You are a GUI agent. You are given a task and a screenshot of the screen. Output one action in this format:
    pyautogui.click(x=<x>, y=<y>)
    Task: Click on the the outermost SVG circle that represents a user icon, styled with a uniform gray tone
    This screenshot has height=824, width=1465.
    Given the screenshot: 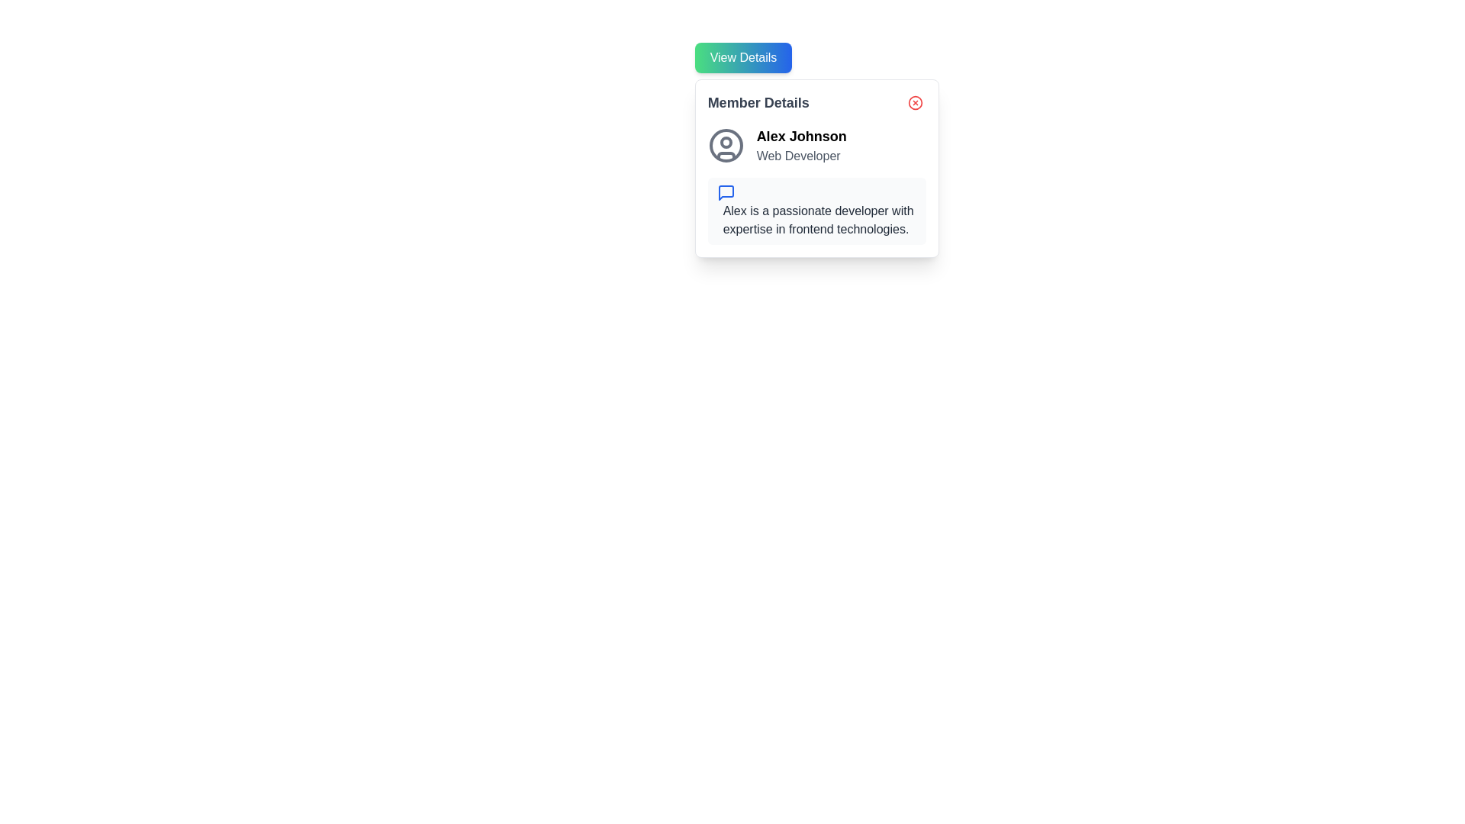 What is the action you would take?
    pyautogui.click(x=725, y=146)
    